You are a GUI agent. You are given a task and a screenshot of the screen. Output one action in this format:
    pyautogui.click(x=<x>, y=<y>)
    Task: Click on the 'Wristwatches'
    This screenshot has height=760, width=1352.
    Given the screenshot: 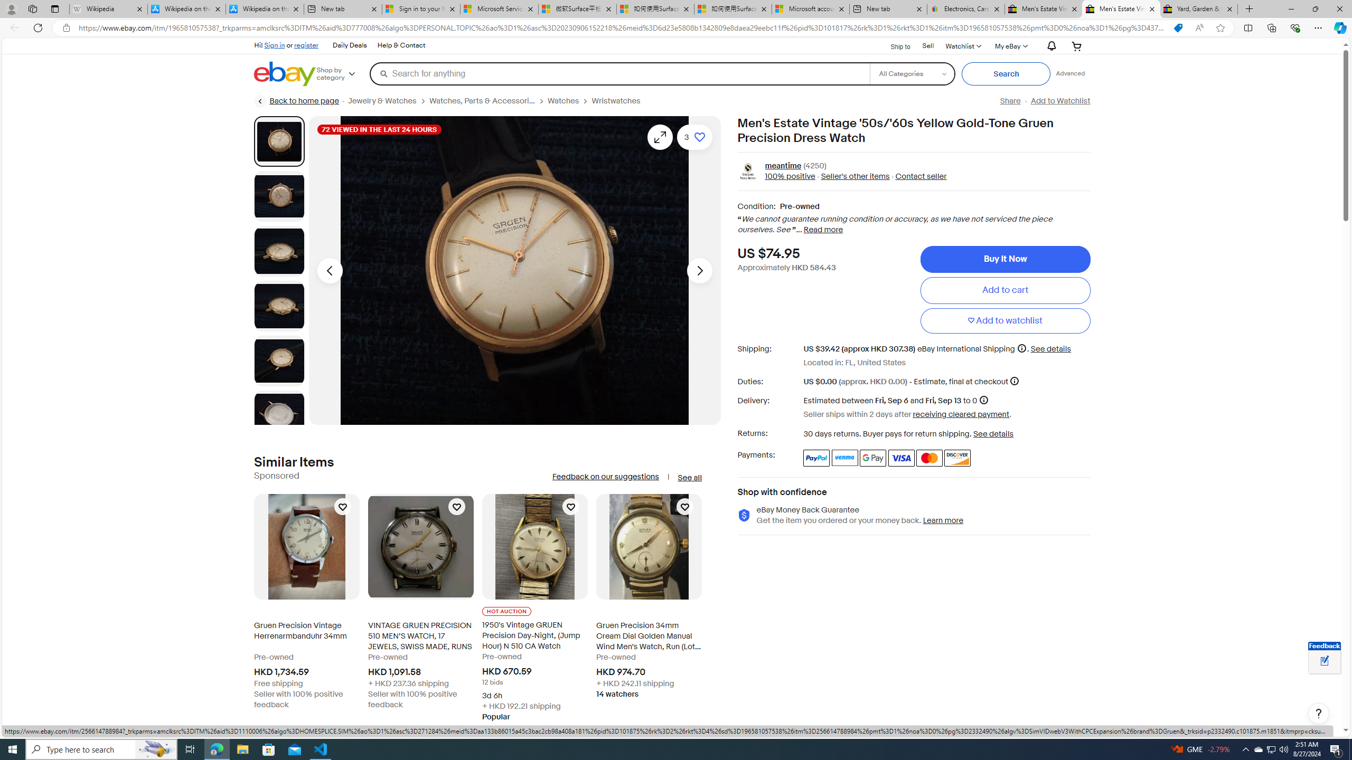 What is the action you would take?
    pyautogui.click(x=620, y=101)
    